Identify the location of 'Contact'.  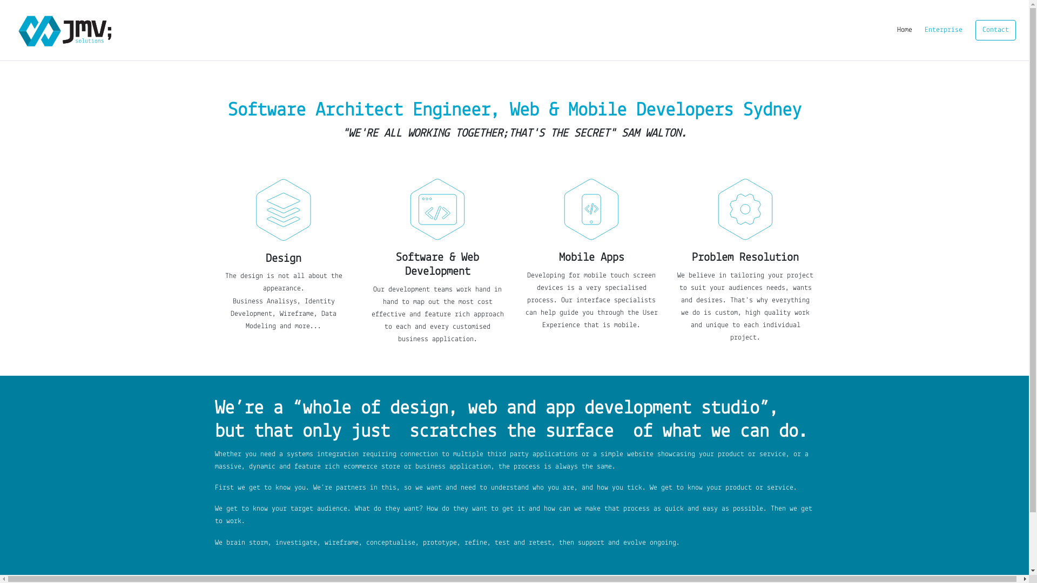
(995, 29).